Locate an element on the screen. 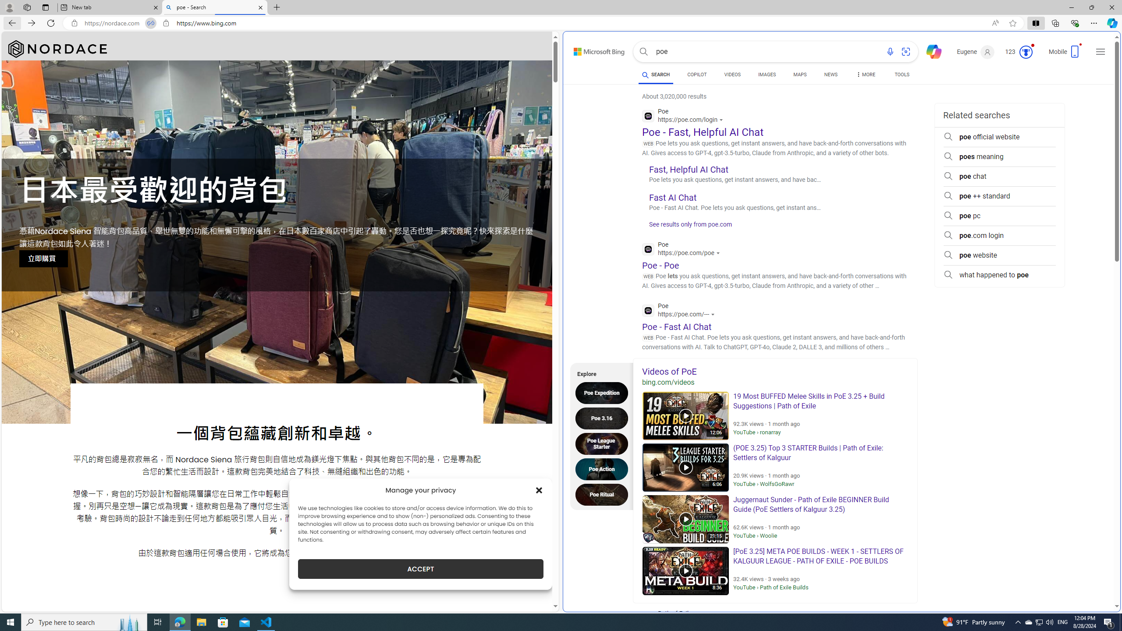 The width and height of the screenshot is (1122, 631). 'Eugene' is located at coordinates (976, 52).